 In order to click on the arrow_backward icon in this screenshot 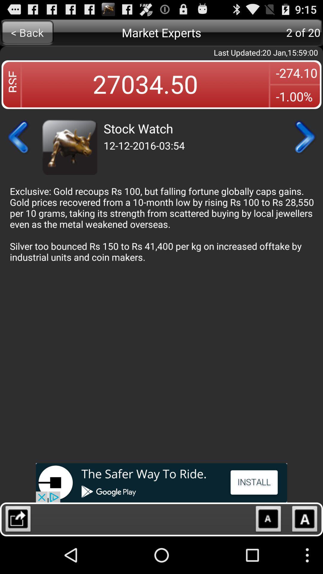, I will do `click(18, 147)`.